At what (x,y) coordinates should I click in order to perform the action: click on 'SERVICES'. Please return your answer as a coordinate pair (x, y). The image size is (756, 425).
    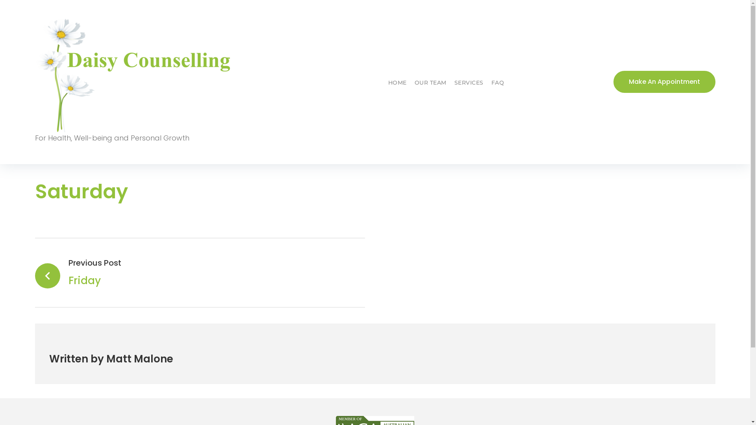
    Looking at the image, I should click on (469, 83).